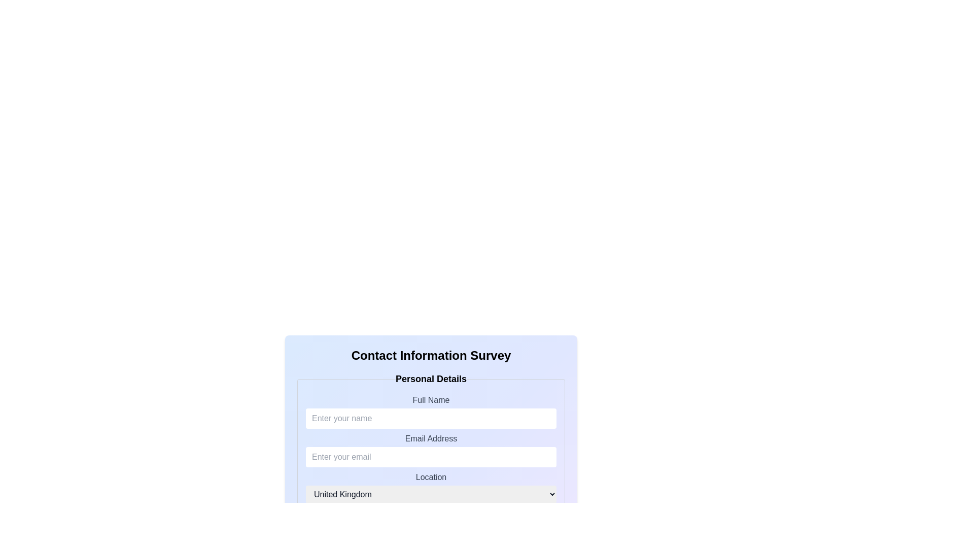 This screenshot has height=548, width=974. Describe the element at coordinates (431, 457) in the screenshot. I see `to select text within the email input field labeled 'Email Address' in the 'Contact Information Survey' section` at that location.